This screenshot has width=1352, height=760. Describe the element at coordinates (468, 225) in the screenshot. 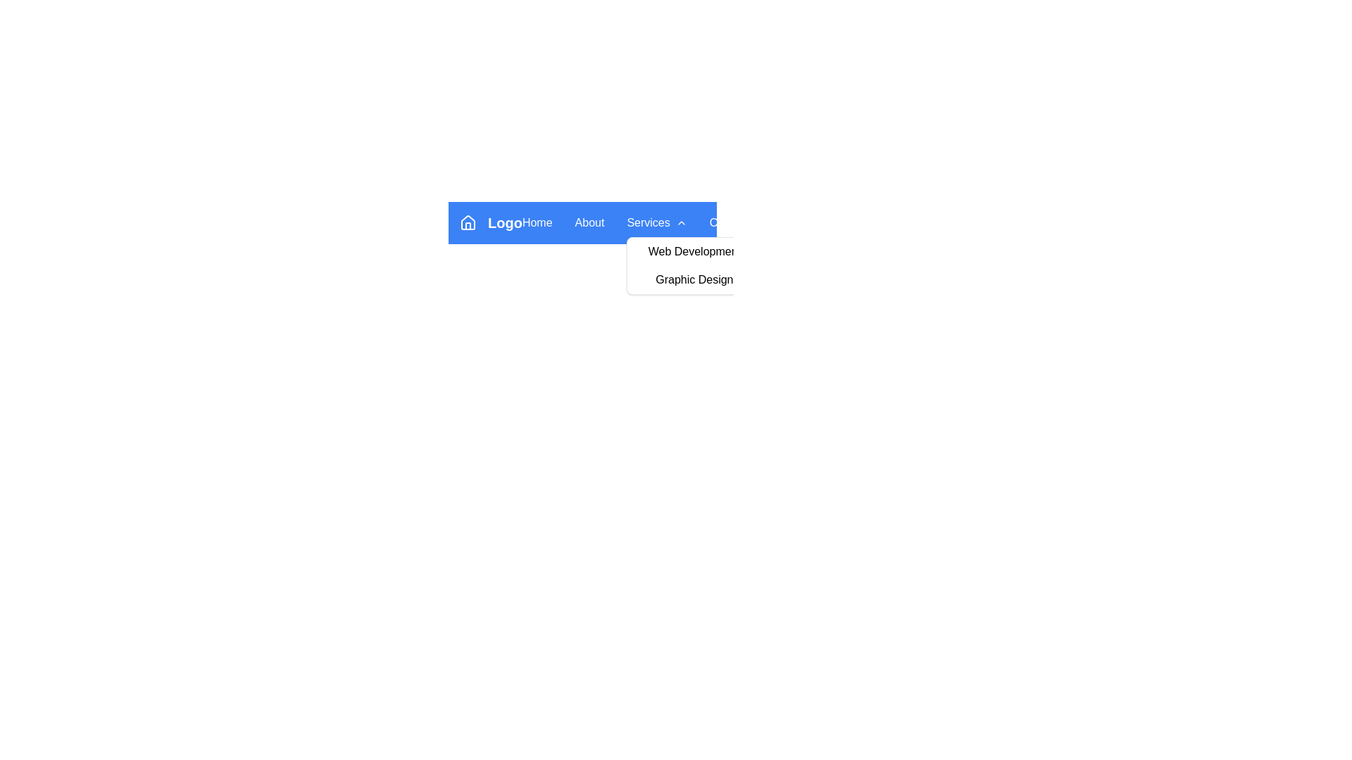

I see `door section of the home icon, which is a vertical rectangle with rounded ends, located near the center of the navigation bar, just left of the 'Logo' text` at that location.